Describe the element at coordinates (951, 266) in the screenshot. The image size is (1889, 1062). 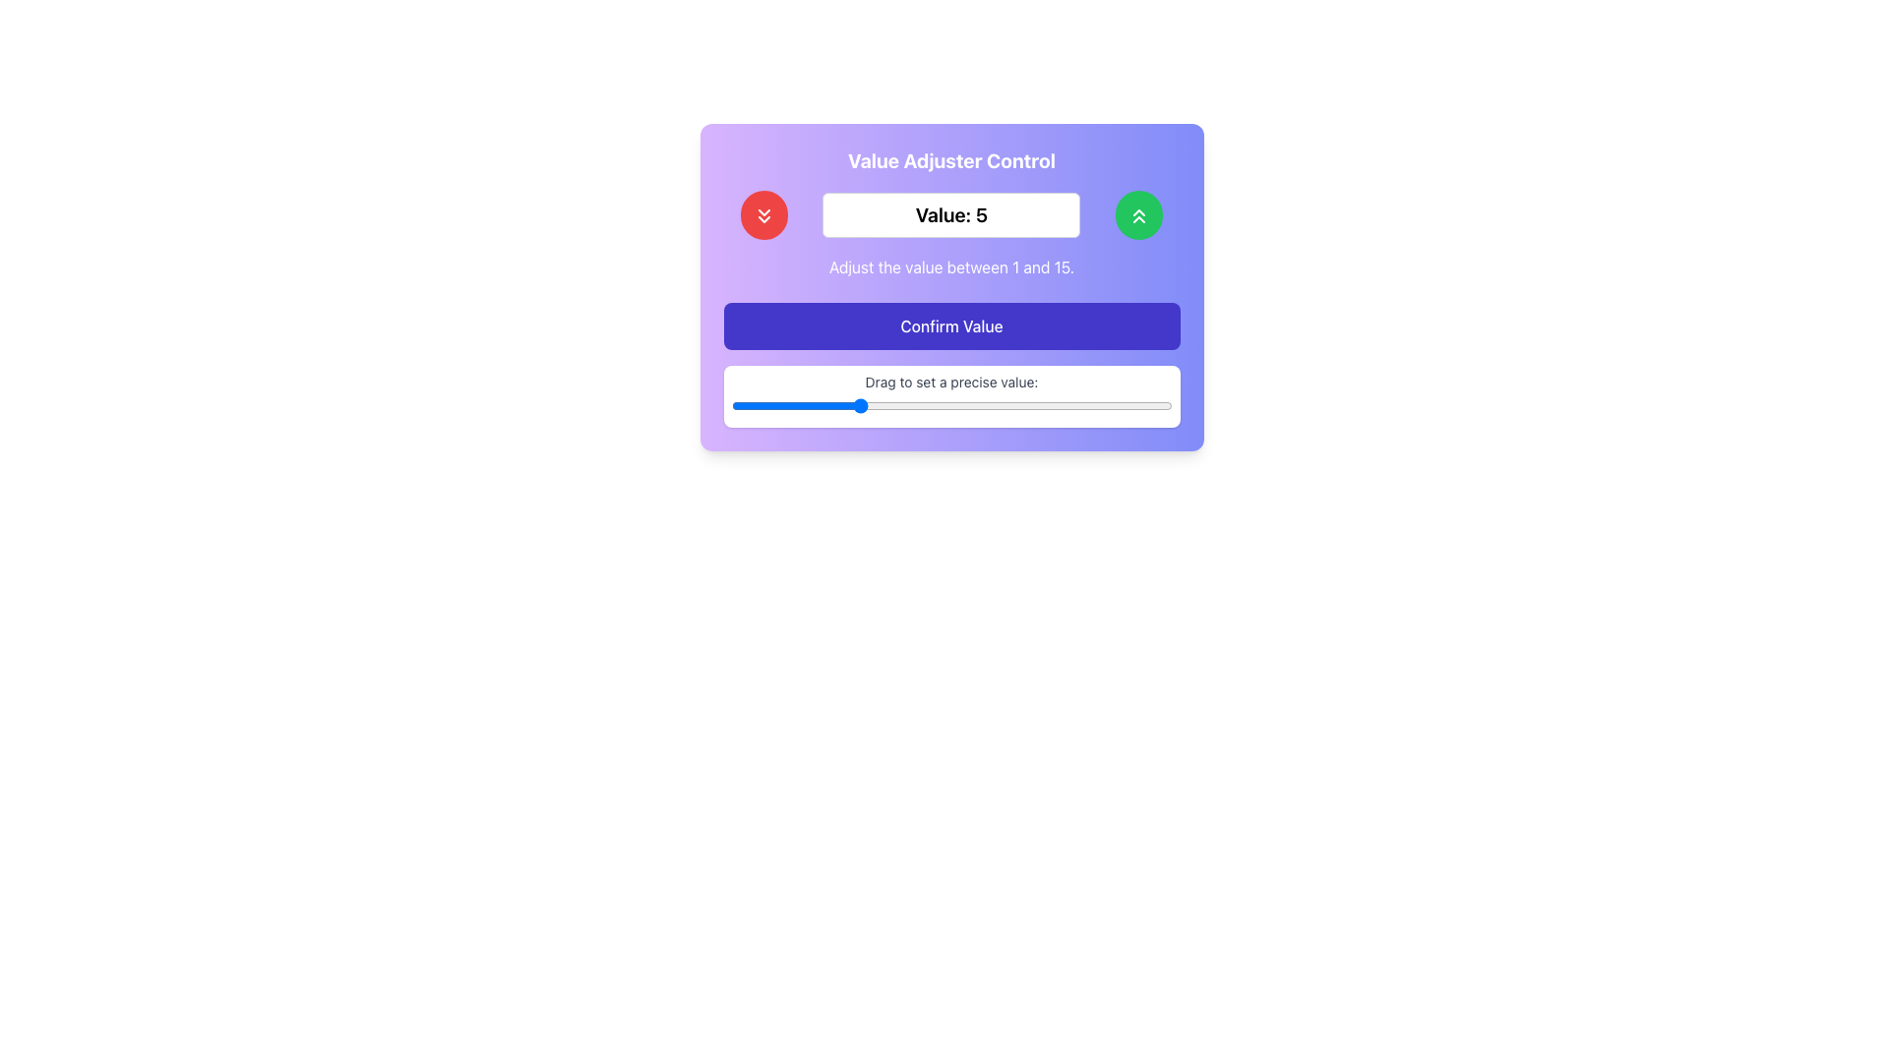
I see `the static text displaying 'Adjust the value between 1 and 15.' which is located within the 'Value Adjuster Control' card component` at that location.